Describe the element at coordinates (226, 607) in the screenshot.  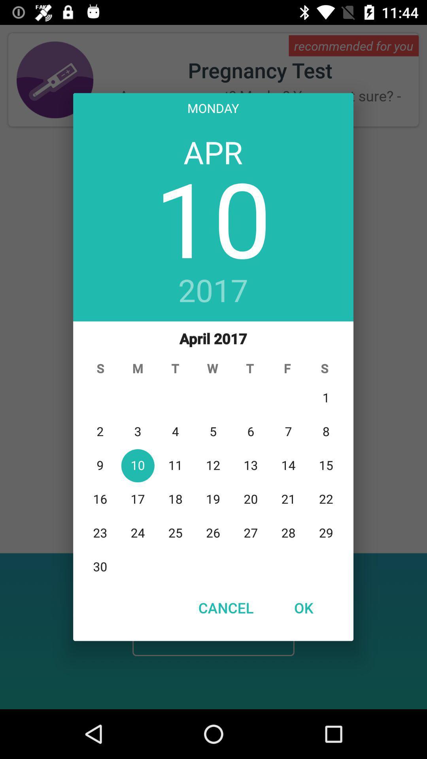
I see `item next to the ok item` at that location.